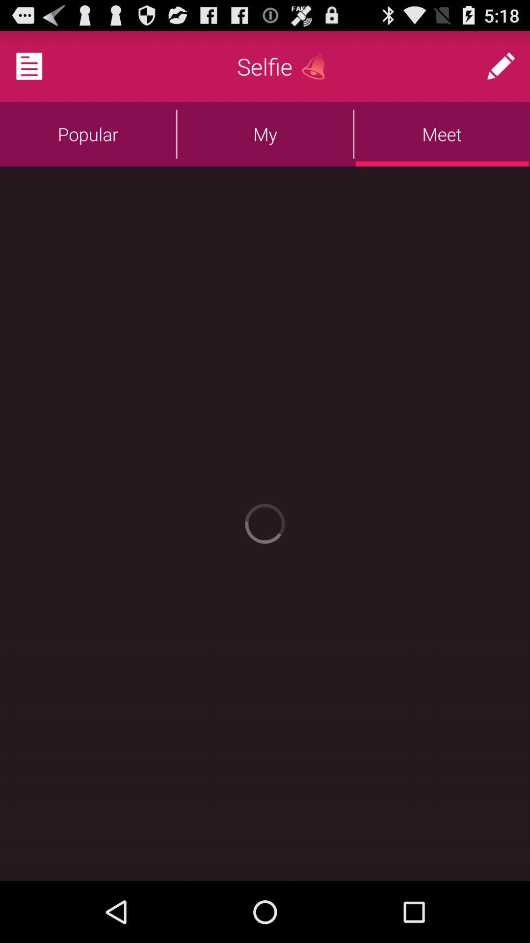 The width and height of the screenshot is (530, 943). What do you see at coordinates (264, 66) in the screenshot?
I see `the selfie icon` at bounding box center [264, 66].